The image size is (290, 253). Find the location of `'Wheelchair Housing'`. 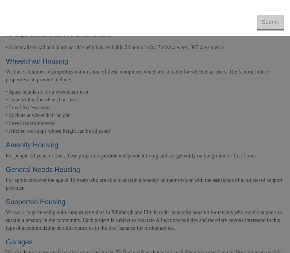

'Wheelchair Housing' is located at coordinates (37, 61).